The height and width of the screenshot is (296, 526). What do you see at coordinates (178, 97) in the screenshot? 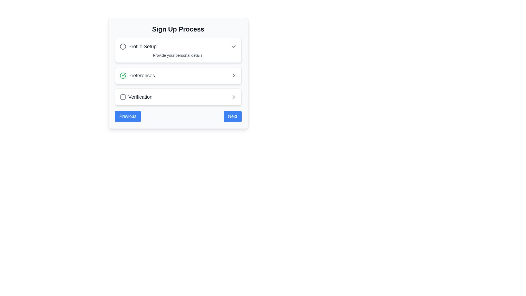
I see `the 'Verification' step in the workflow navigation list` at bounding box center [178, 97].